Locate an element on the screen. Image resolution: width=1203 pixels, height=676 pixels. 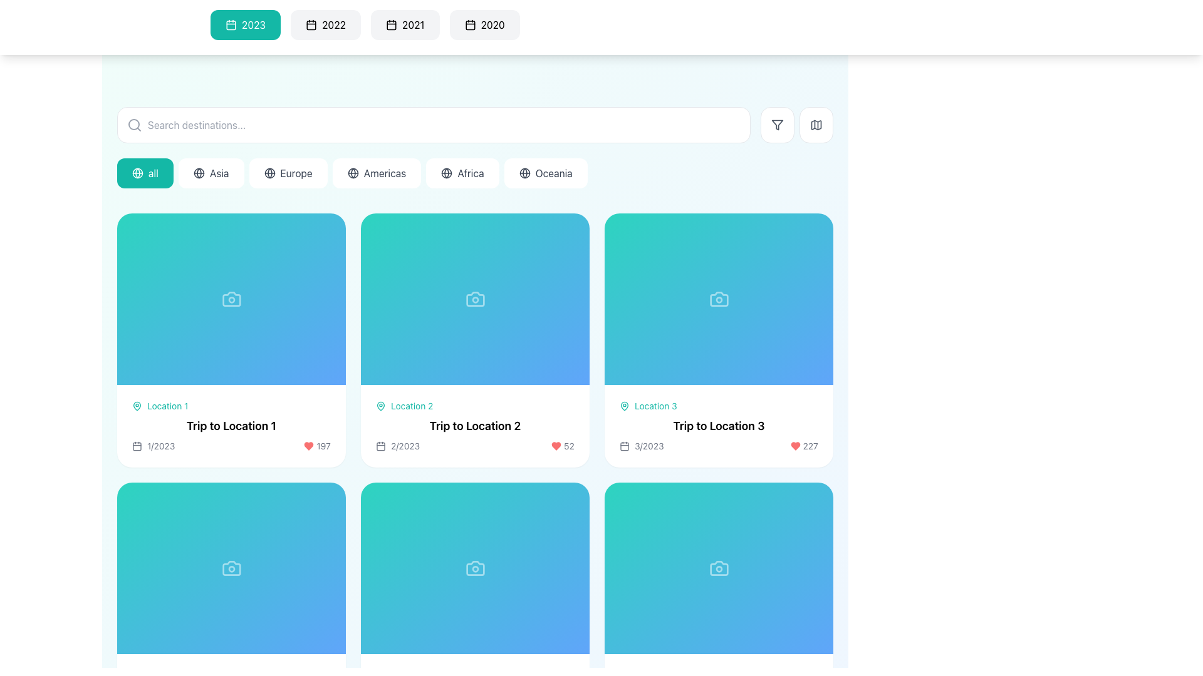
camera icon that serves as a placeholder image for the tile labeled 'Trip to Location 2' in the grid layout is located at coordinates (474, 299).